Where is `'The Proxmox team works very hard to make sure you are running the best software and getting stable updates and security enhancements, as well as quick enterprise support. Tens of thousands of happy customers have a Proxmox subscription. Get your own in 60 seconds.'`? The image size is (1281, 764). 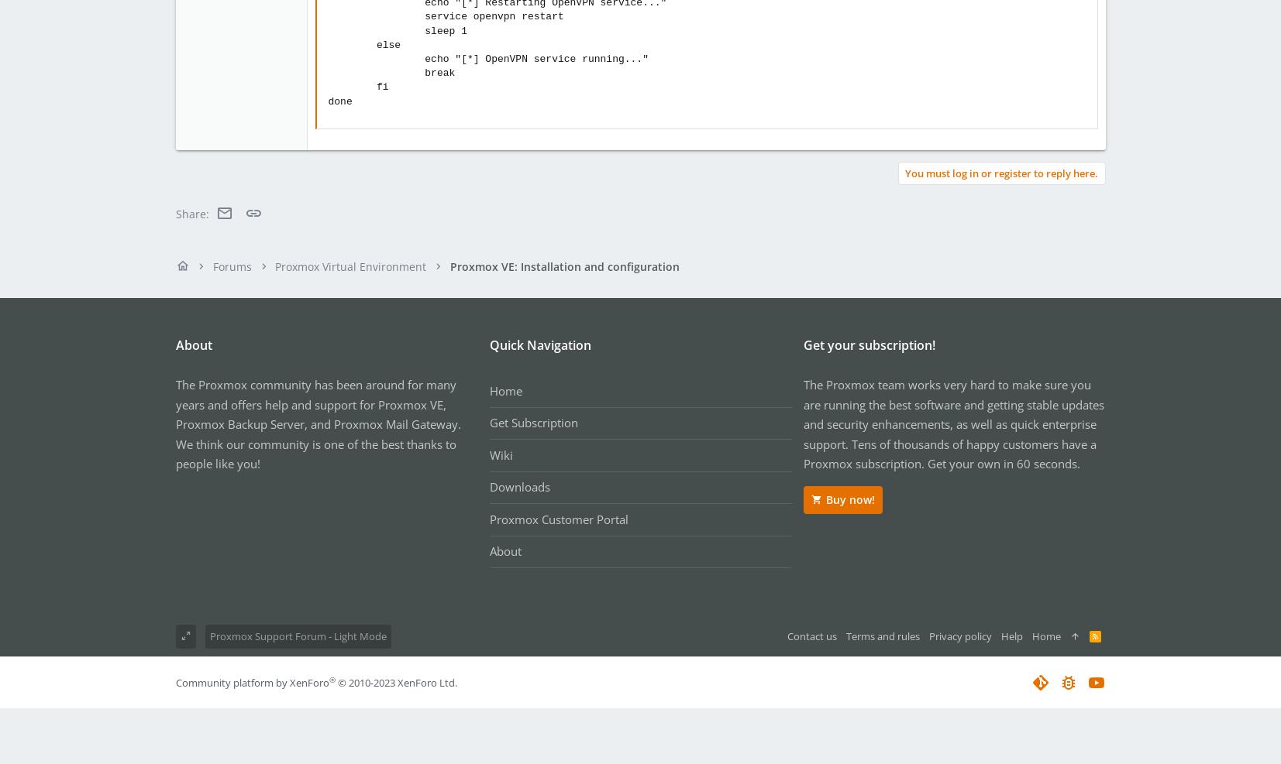
'The Proxmox team works very hard to make sure you are running the best software and getting stable updates and security enhancements, as well as quick enterprise support. Tens of thousands of happy customers have a Proxmox subscription. Get your own in 60 seconds.' is located at coordinates (802, 423).